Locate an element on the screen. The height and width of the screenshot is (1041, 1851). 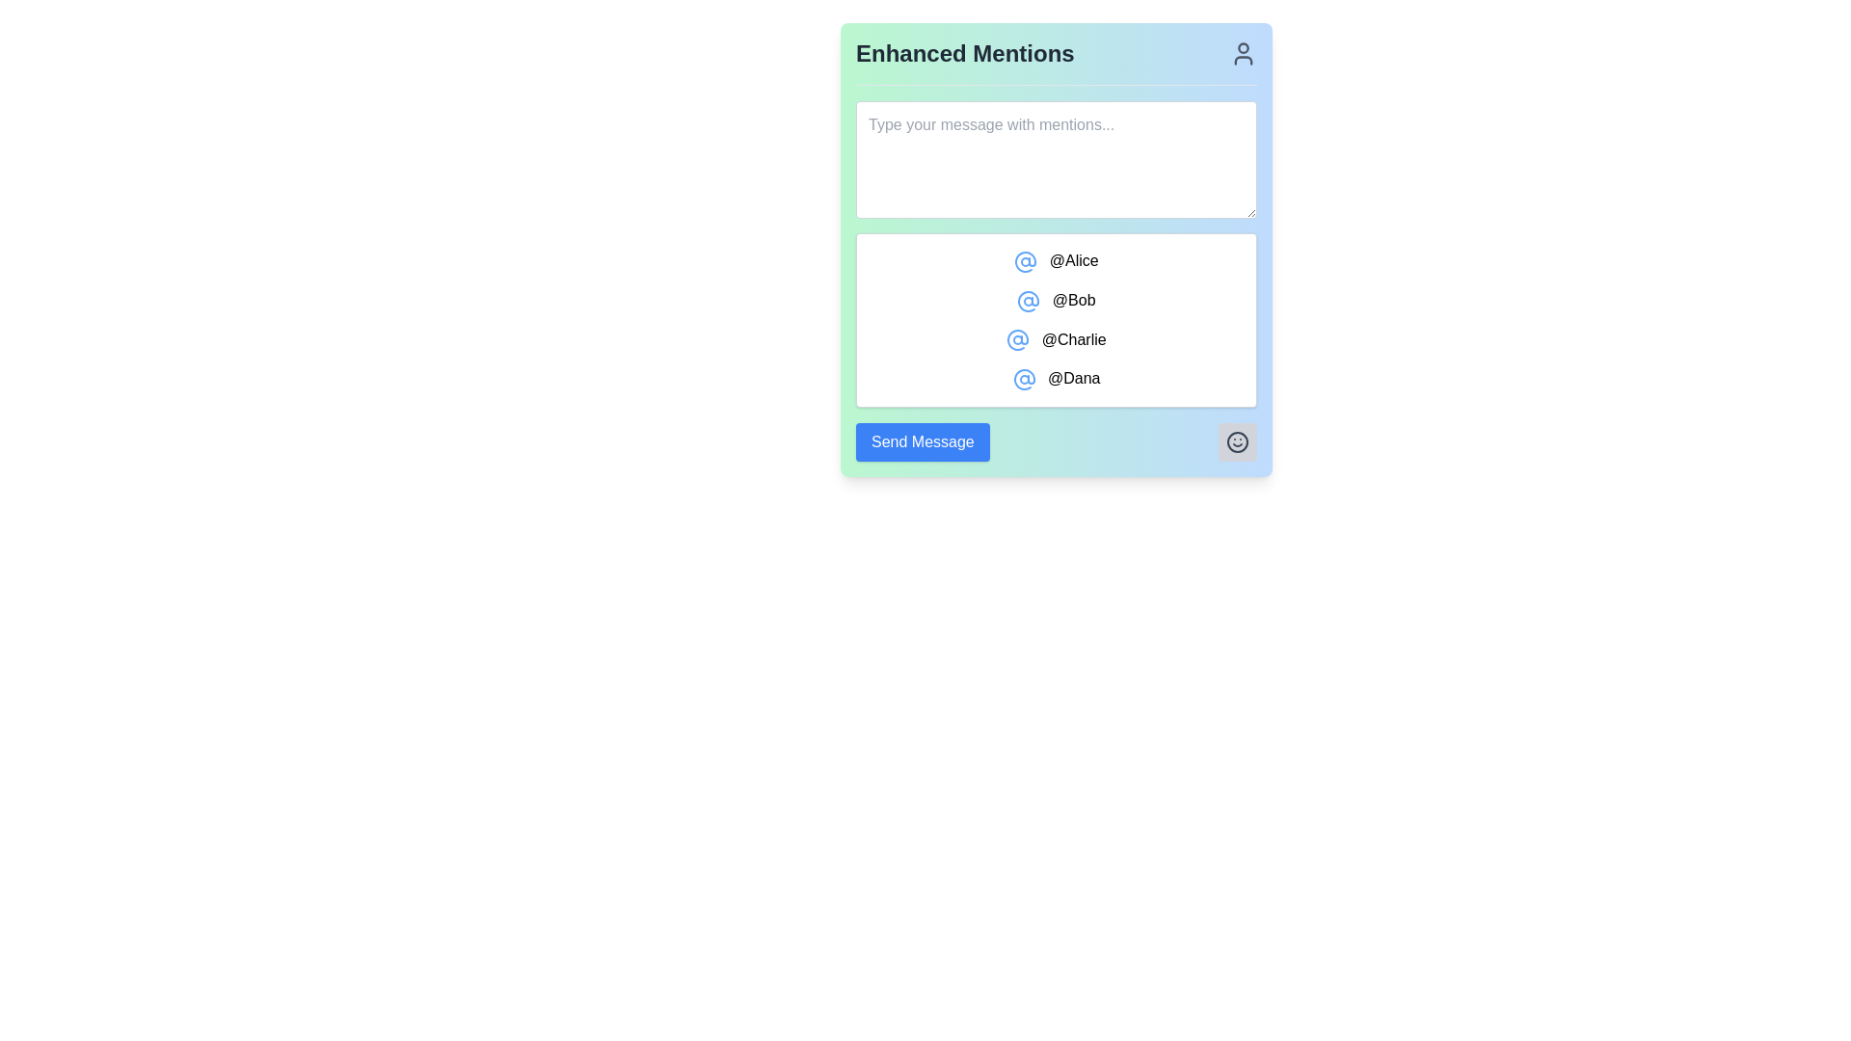
circular smiley face icon element located in the bottom-right corner of the 'Enhanced Mentions' dialog box for debugging purposes is located at coordinates (1237, 442).